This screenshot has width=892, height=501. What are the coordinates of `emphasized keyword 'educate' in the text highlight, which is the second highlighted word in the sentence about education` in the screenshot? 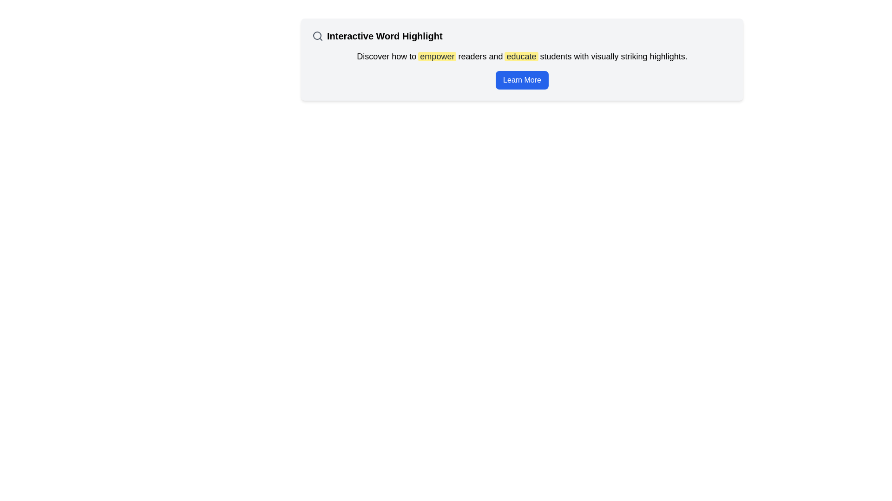 It's located at (521, 57).